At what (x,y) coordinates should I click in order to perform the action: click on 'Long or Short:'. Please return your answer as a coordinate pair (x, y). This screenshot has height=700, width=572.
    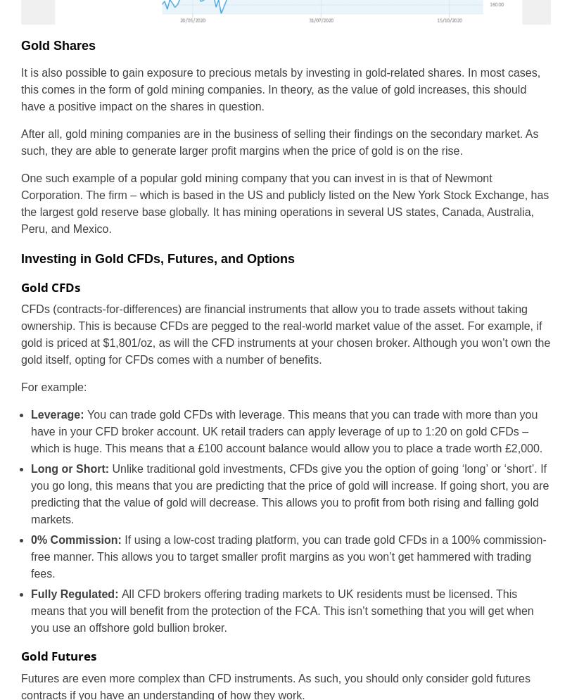
    Looking at the image, I should click on (70, 468).